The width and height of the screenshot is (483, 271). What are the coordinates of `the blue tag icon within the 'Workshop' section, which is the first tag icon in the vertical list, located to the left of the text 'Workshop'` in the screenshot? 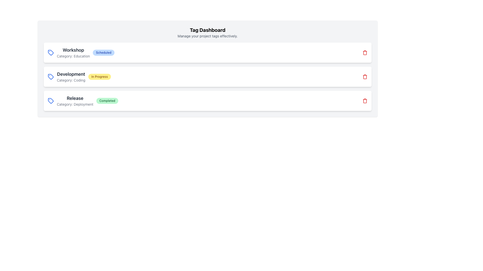 It's located at (51, 52).